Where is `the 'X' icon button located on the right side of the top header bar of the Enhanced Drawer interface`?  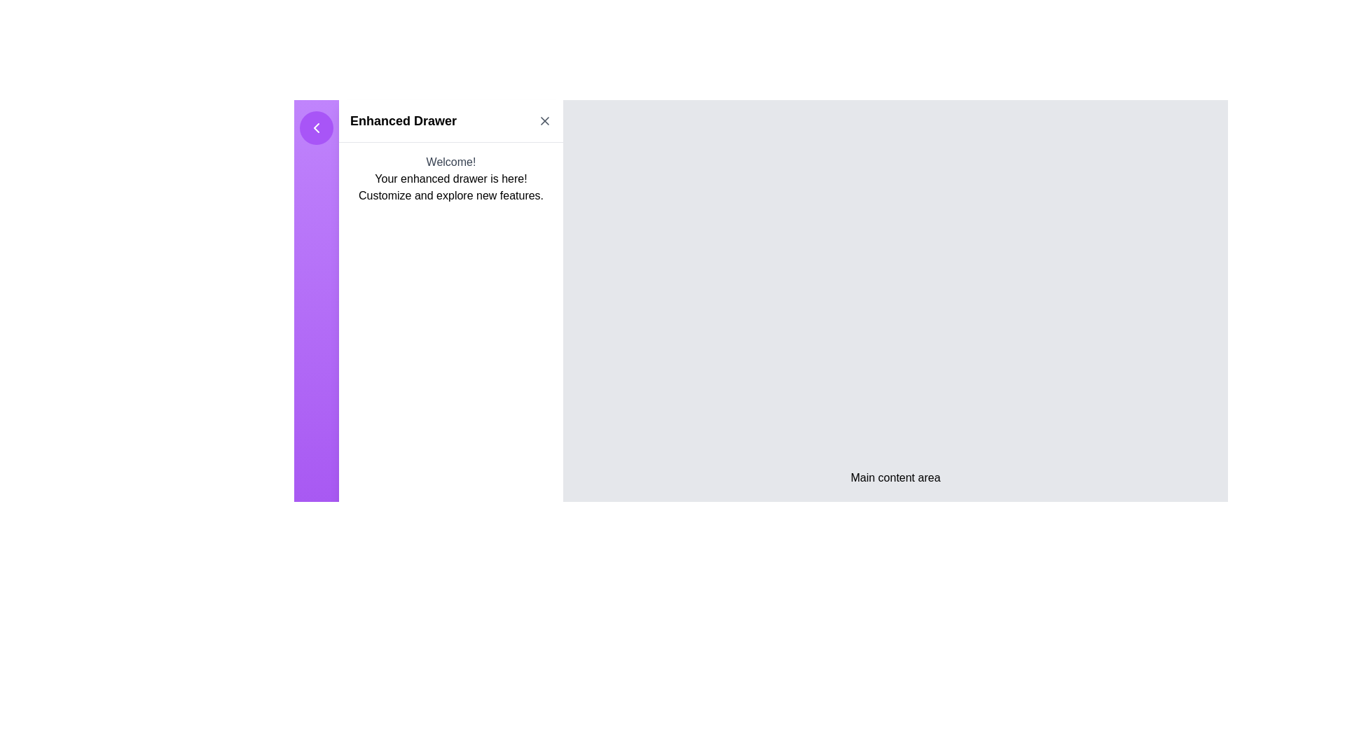 the 'X' icon button located on the right side of the top header bar of the Enhanced Drawer interface is located at coordinates (544, 120).